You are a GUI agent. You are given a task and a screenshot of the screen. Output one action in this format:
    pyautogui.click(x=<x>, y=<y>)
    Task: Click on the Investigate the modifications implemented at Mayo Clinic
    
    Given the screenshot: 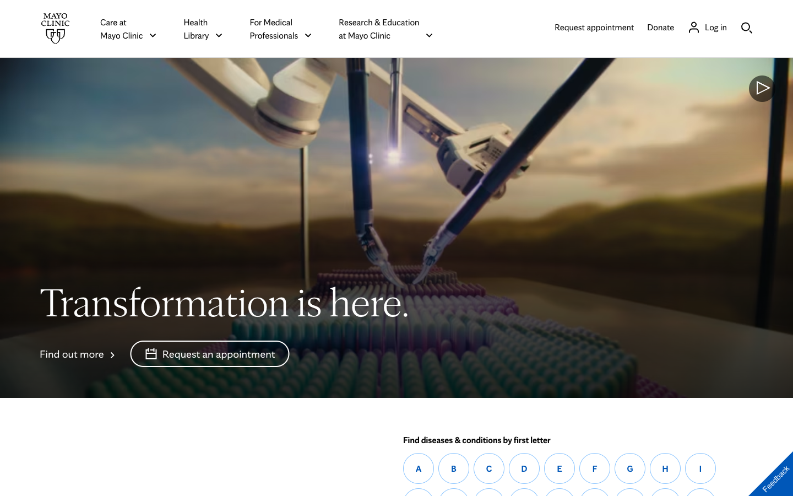 What is the action you would take?
    pyautogui.click(x=78, y=353)
    